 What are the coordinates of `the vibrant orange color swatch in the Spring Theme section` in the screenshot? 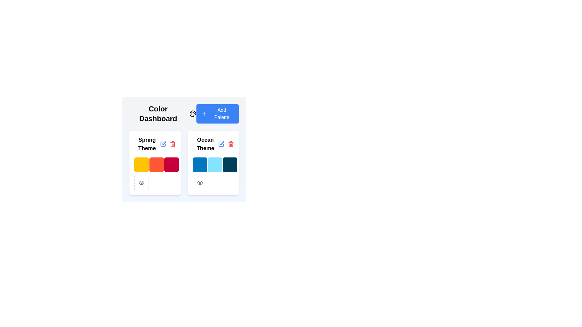 It's located at (156, 164).